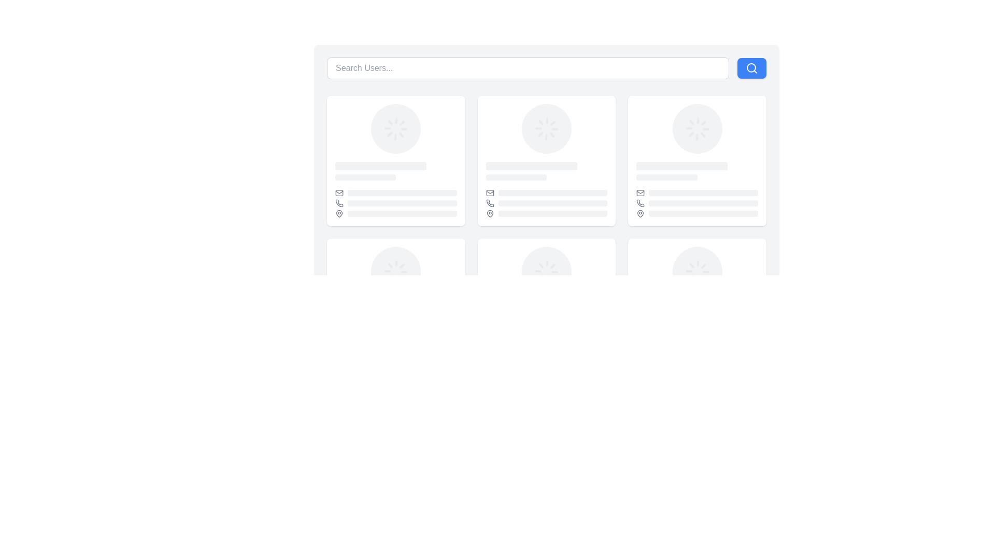 This screenshot has height=559, width=995. Describe the element at coordinates (640, 203) in the screenshot. I see `the phone receiver icon, which is a gray outlined icon located in the upper-right quadrant of the card layout` at that location.